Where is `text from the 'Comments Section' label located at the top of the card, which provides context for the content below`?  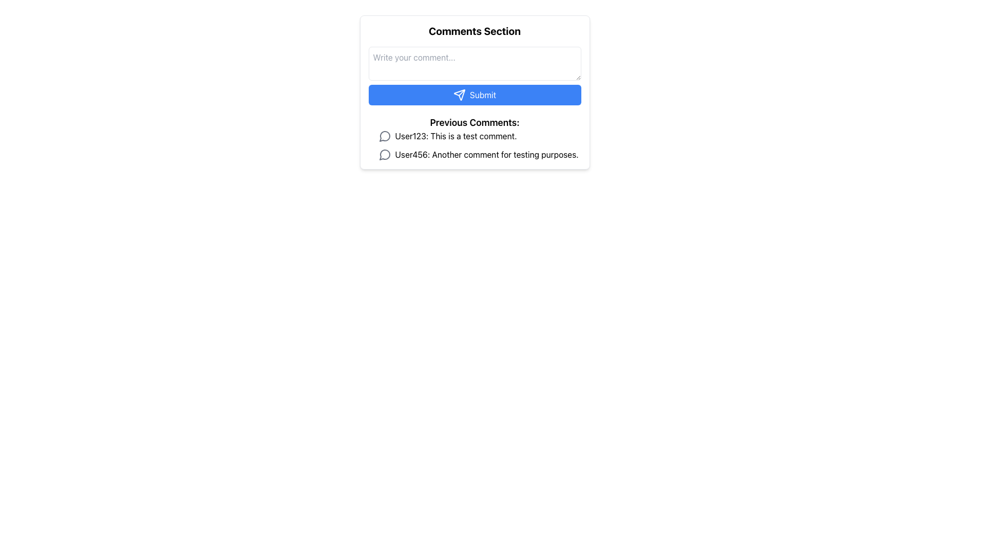
text from the 'Comments Section' label located at the top of the card, which provides context for the content below is located at coordinates (474, 31).